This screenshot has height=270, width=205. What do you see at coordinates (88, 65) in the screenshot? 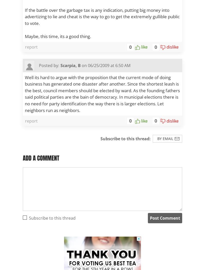
I see `'06/25/2009 at 6:50 AM'` at bounding box center [88, 65].